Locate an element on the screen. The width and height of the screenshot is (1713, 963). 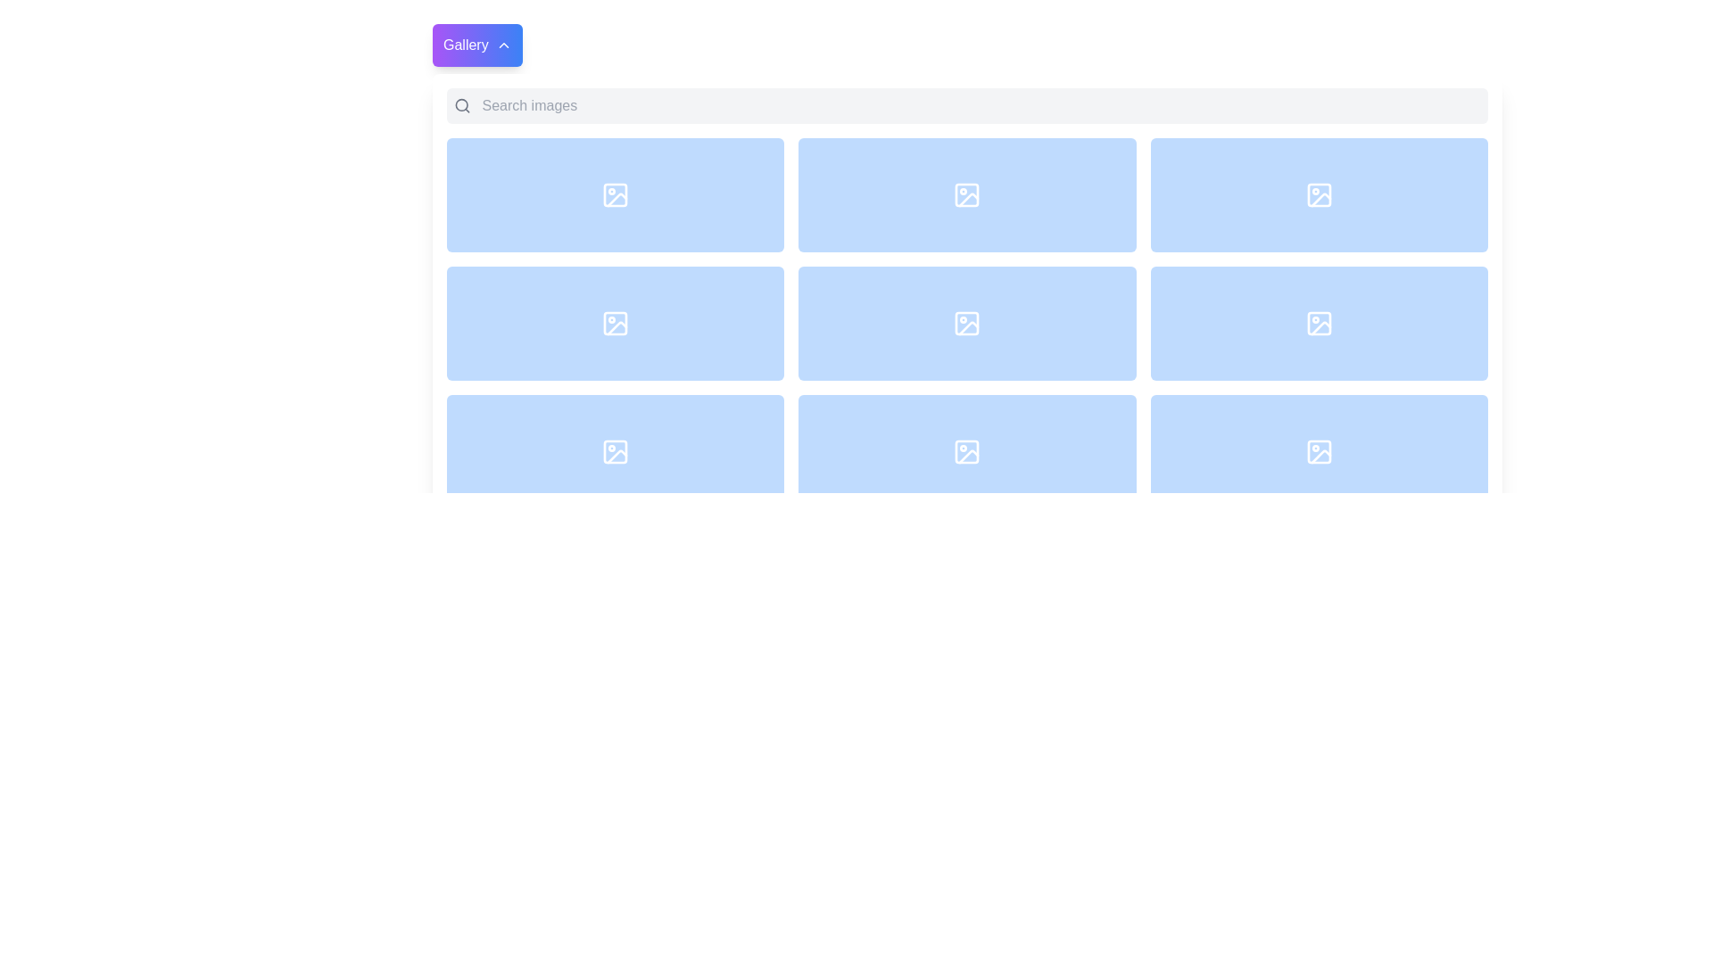
the rectangular button labeled 'Gallery' with a gradient background transitioning from purple to blue, located in the top-left corner of the interface is located at coordinates (477, 44).